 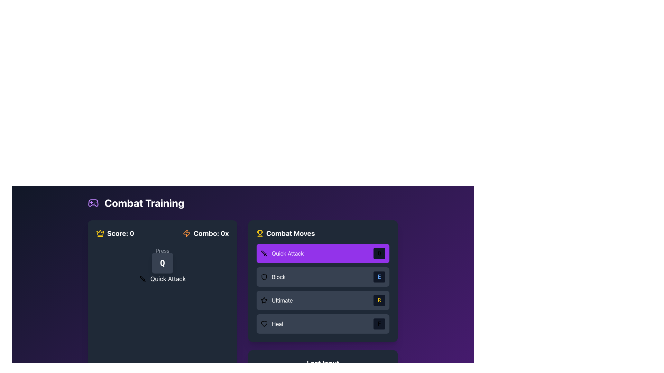 What do you see at coordinates (162, 257) in the screenshot?
I see `the Keybinding Indicator button with the gray background and white text 'Q', which is located in the center of the left section of the interface` at bounding box center [162, 257].